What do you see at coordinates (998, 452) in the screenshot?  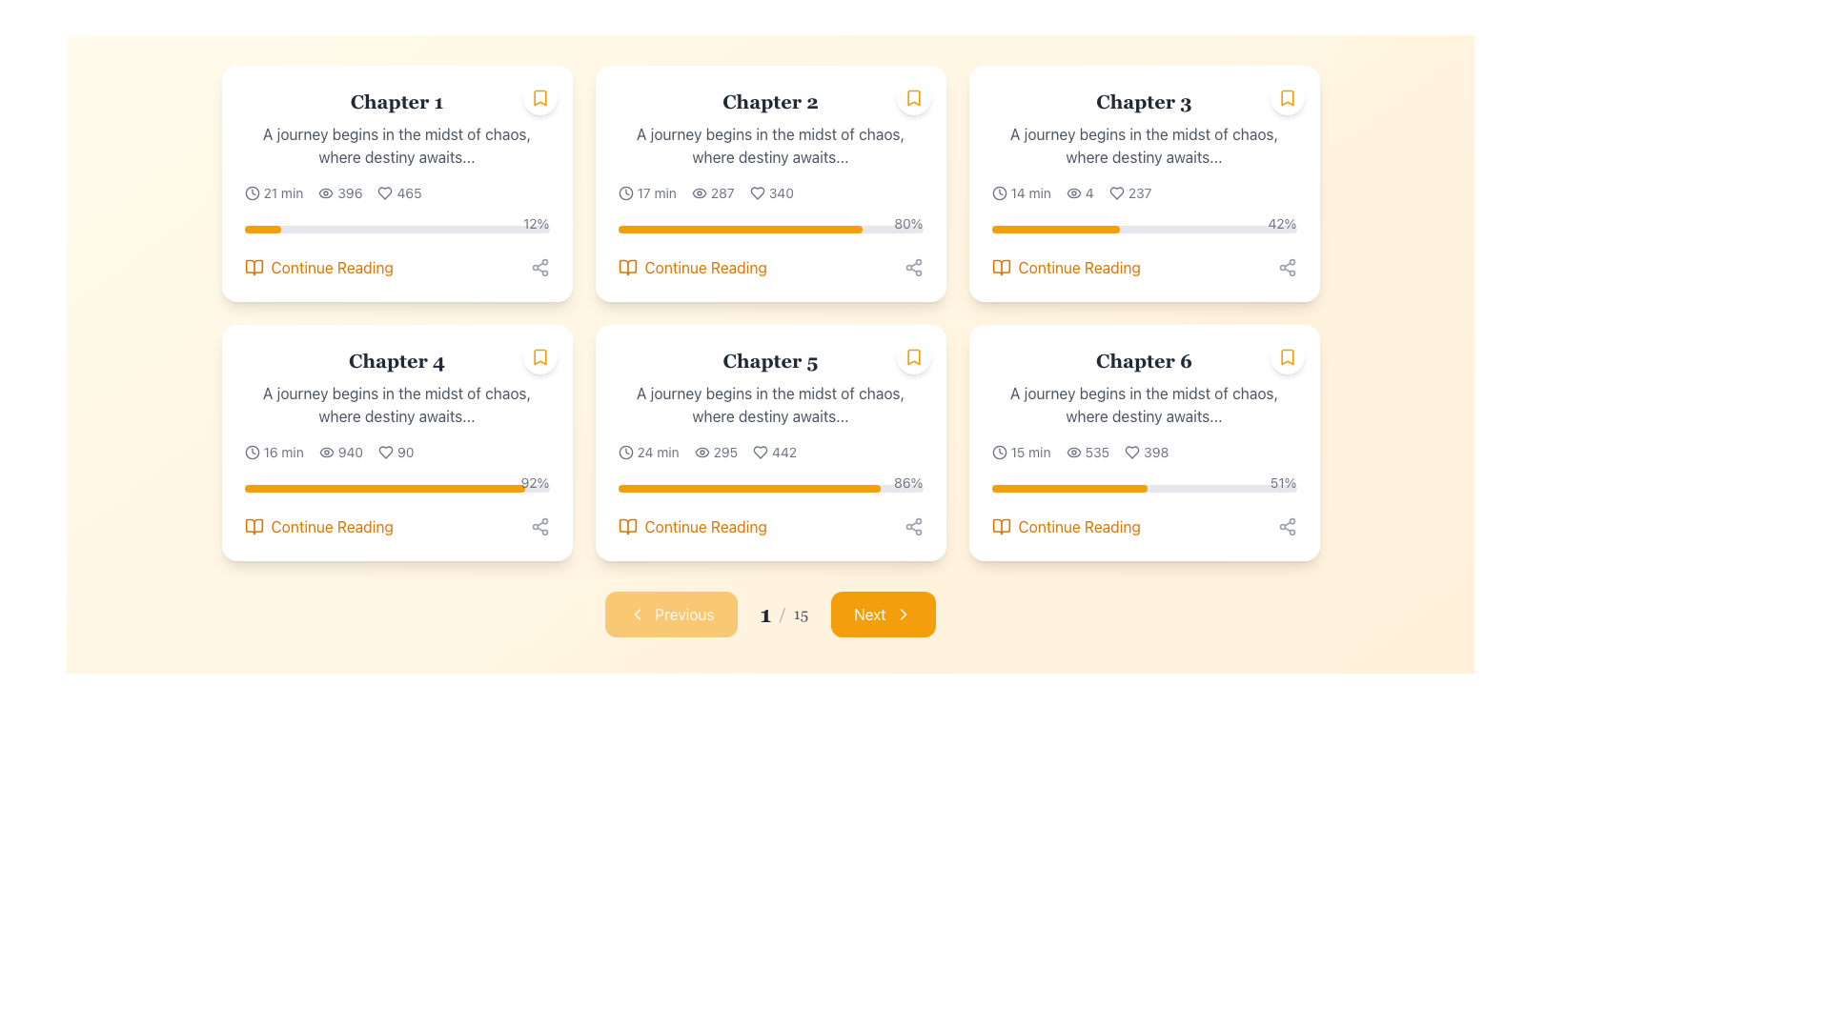 I see `the icon indicating the time duration next to the text '15 min' on the card for 'Chapter 6', located in the top-left corner of the card's content area` at bounding box center [998, 452].